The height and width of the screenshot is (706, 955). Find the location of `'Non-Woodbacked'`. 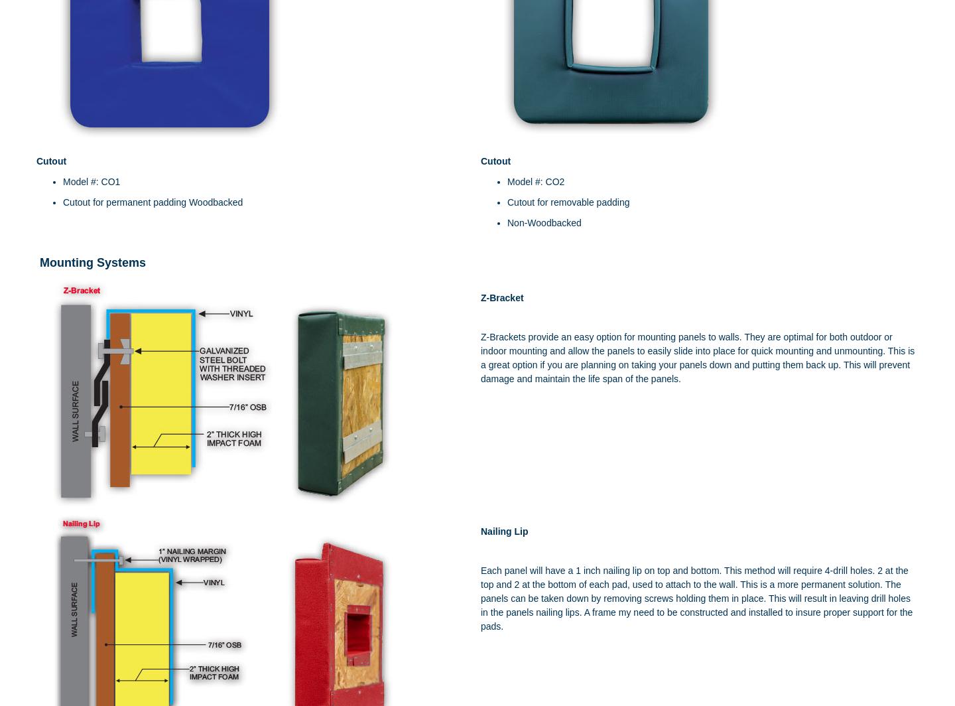

'Non-Woodbacked' is located at coordinates (544, 223).